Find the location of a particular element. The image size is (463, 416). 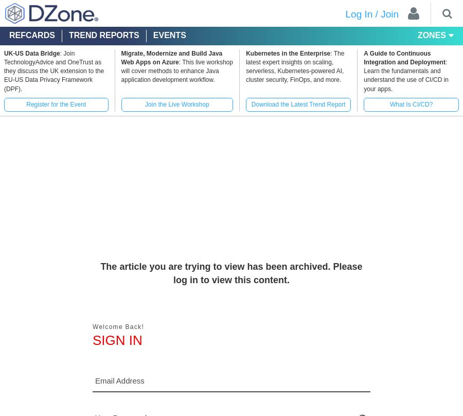

'Welcome Back!' is located at coordinates (117, 327).